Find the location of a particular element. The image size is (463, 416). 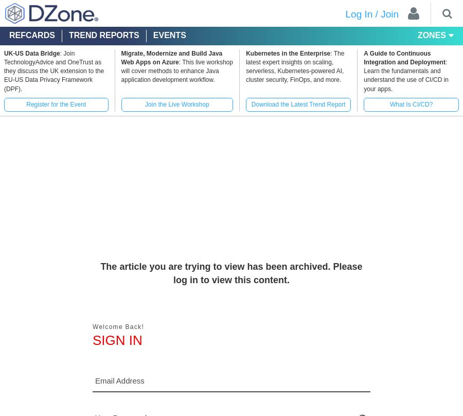

'Welcome Back!' is located at coordinates (117, 327).